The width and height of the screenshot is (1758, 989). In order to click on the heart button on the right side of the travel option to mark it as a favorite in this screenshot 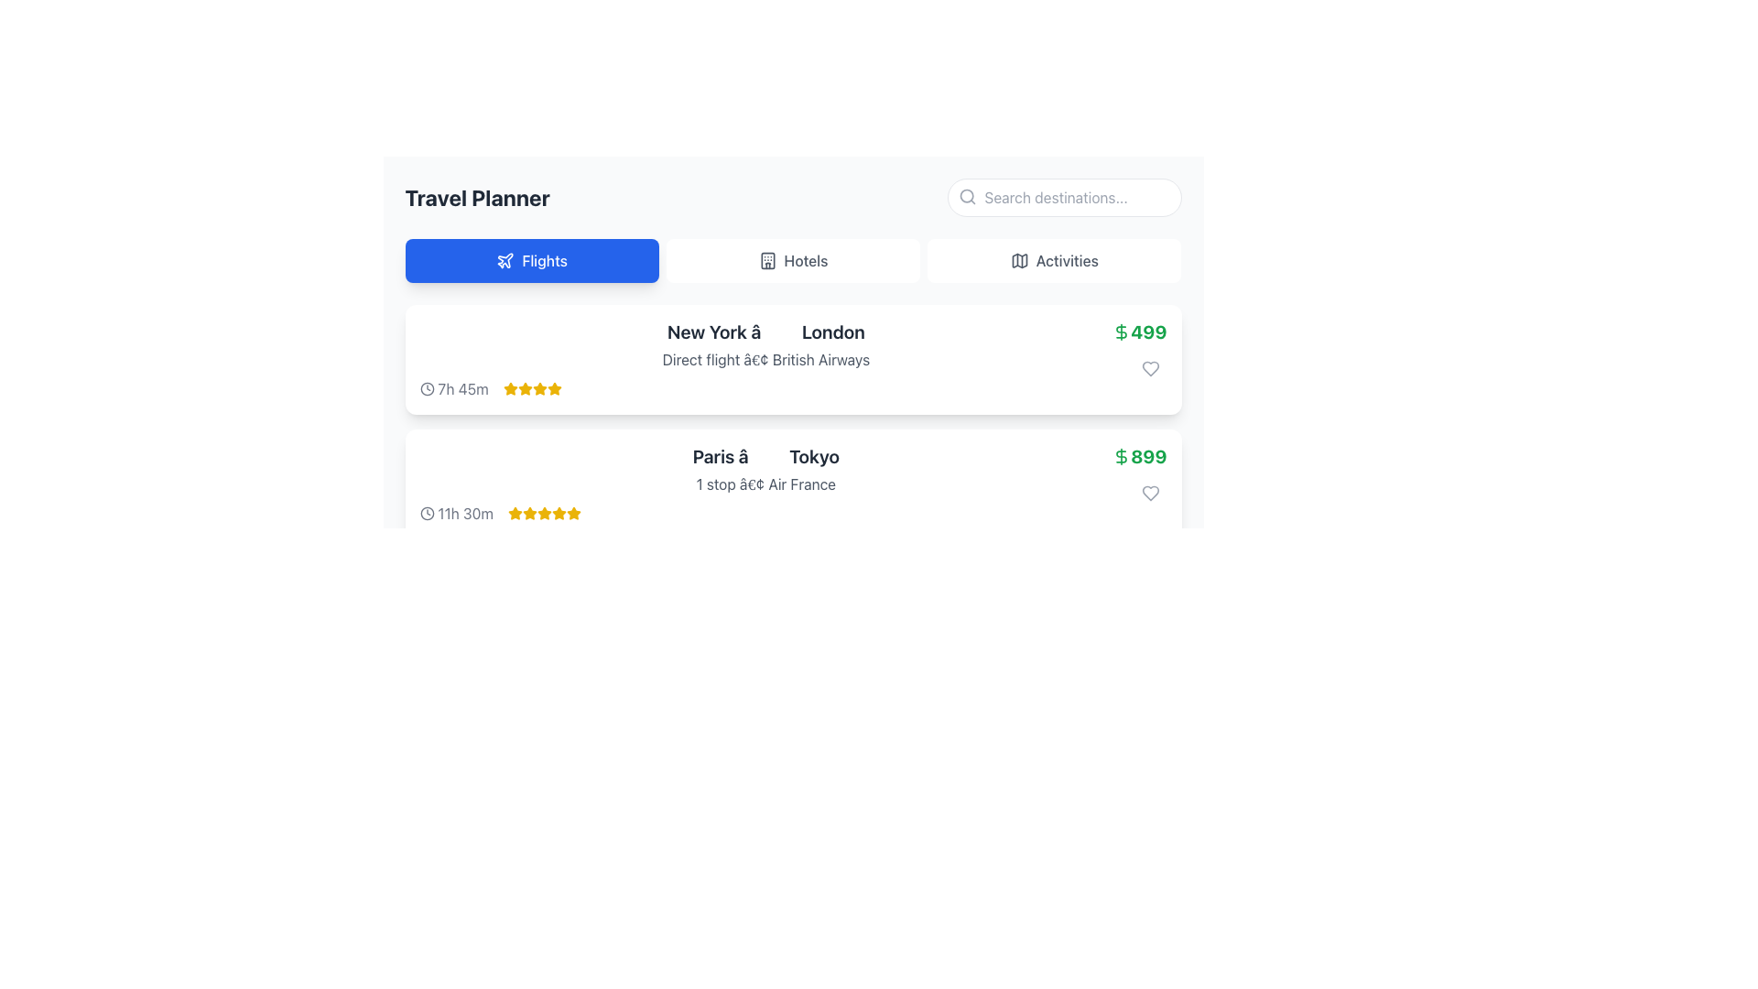, I will do `click(1149, 493)`.